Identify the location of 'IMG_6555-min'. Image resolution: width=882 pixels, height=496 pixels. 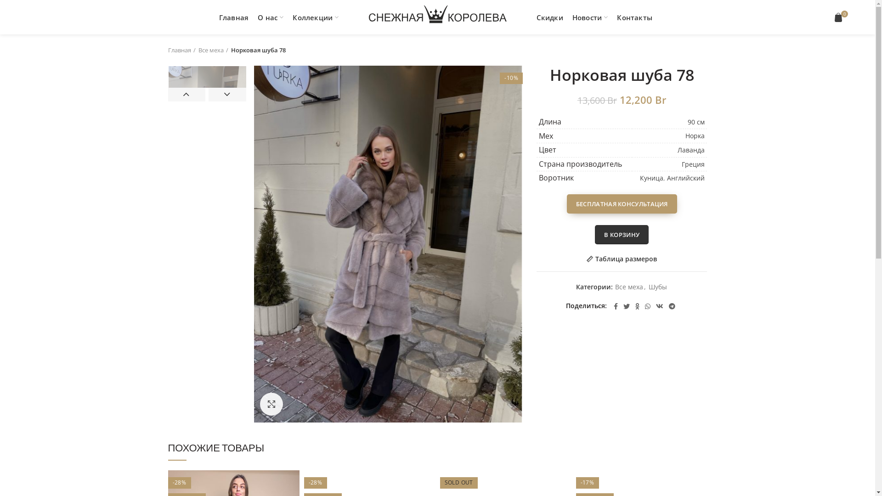
(206, 124).